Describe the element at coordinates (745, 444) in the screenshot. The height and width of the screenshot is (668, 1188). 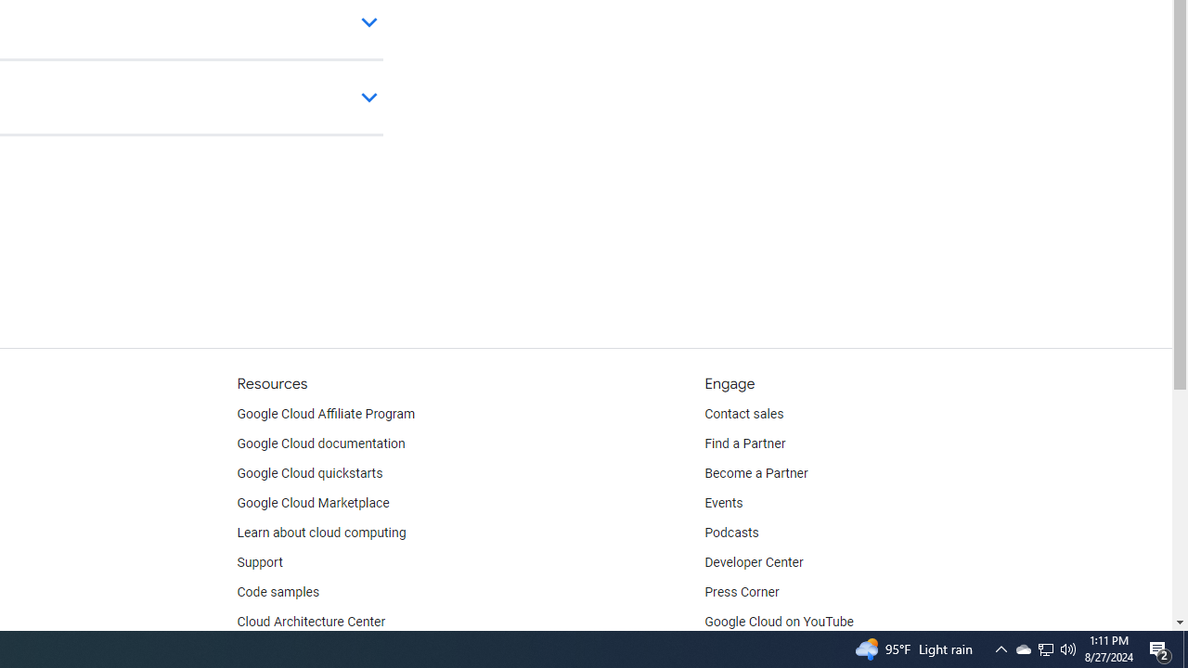
I see `'Find a Partner'` at that location.